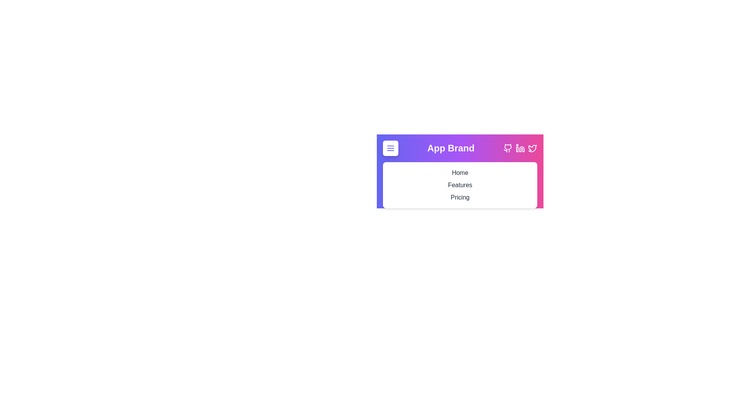  I want to click on the social media button for Twitter, so click(532, 148).